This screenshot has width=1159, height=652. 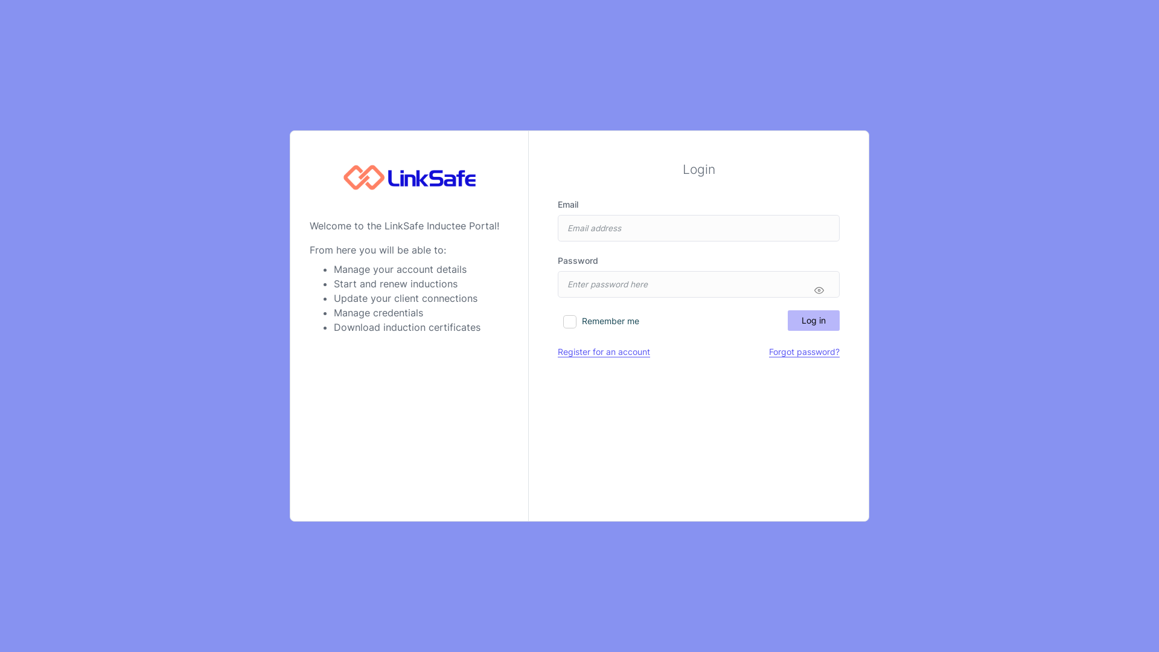 I want to click on 'Log in', so click(x=814, y=320).